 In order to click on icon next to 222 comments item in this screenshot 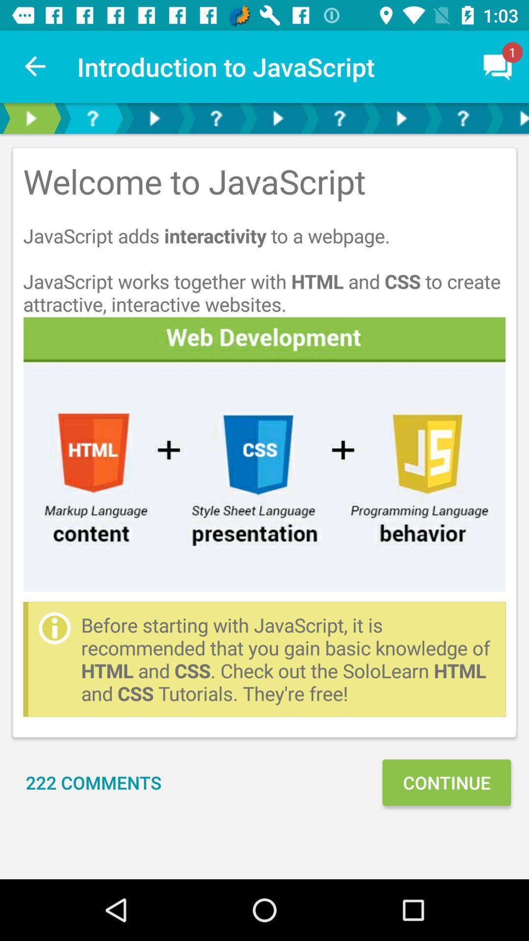, I will do `click(446, 782)`.